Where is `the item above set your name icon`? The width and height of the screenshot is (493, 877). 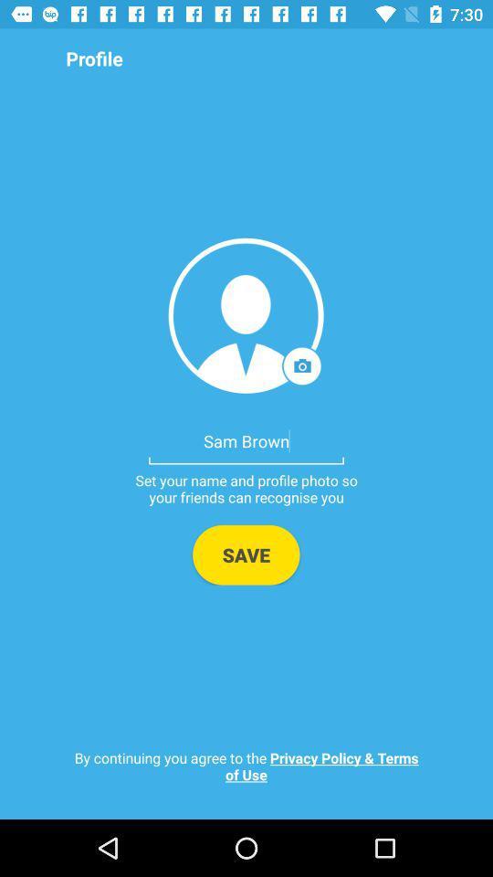
the item above set your name icon is located at coordinates (246, 439).